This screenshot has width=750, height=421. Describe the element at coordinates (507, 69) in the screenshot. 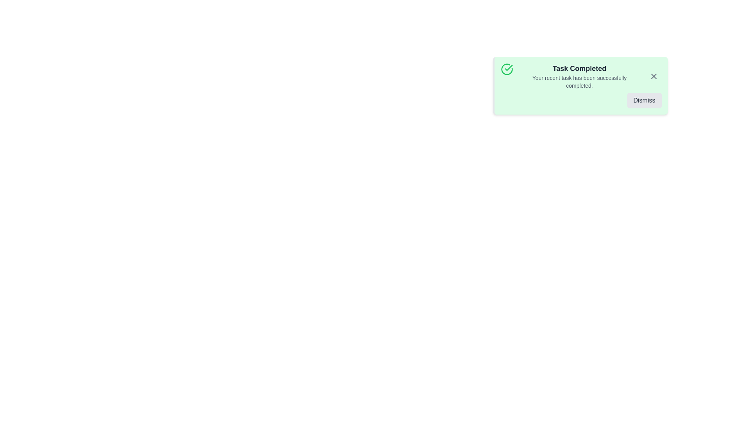

I see `the circular green checkmark icon located to the left of the text 'Task Completed' in the green notification banner` at that location.